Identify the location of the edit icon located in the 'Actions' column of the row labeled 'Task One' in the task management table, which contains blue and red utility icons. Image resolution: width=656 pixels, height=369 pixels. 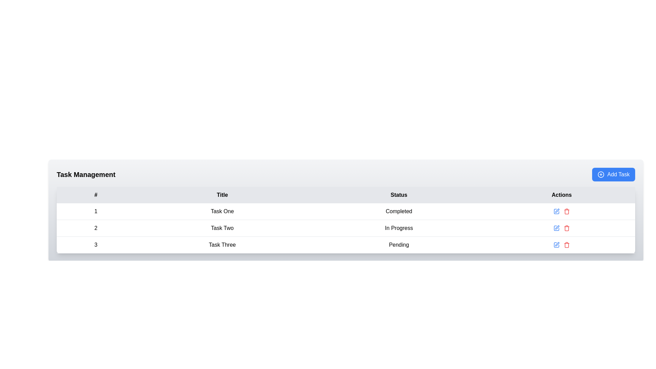
(562, 211).